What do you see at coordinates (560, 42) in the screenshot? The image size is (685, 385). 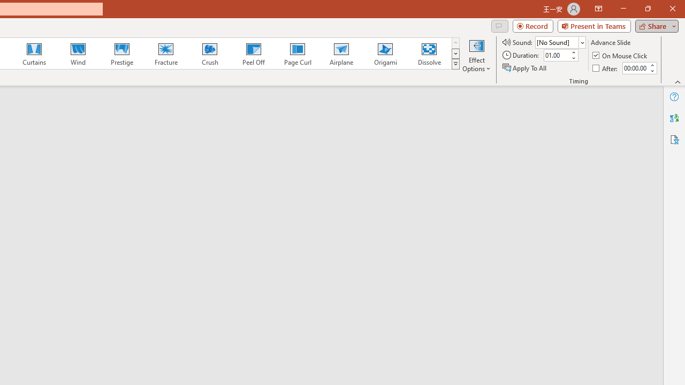 I see `'Sound'` at bounding box center [560, 42].